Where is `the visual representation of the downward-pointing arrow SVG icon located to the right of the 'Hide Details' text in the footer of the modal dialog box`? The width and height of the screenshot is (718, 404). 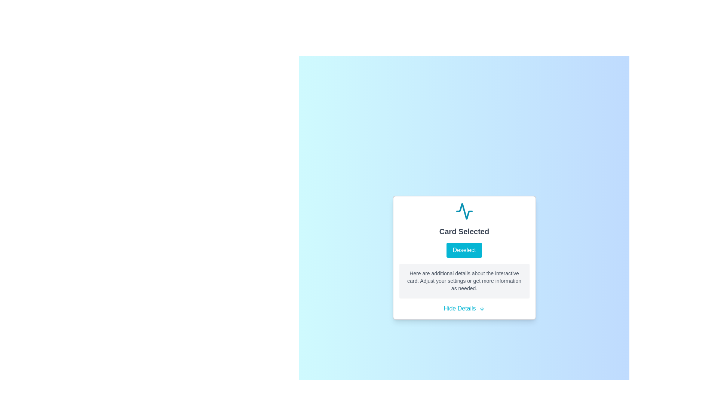 the visual representation of the downward-pointing arrow SVG icon located to the right of the 'Hide Details' text in the footer of the modal dialog box is located at coordinates (482, 309).